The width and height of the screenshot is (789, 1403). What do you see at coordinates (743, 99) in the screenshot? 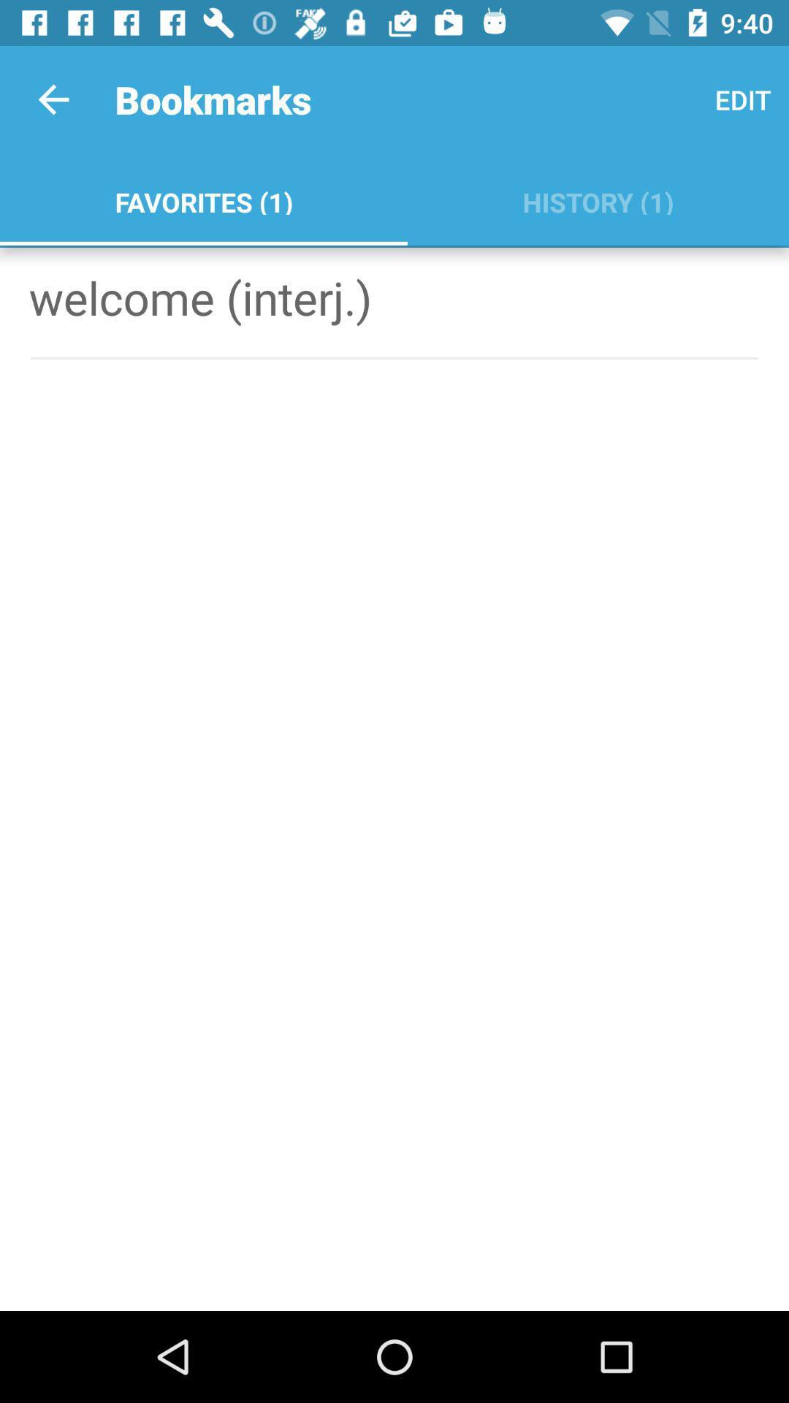
I see `the app above the history (1)` at bounding box center [743, 99].